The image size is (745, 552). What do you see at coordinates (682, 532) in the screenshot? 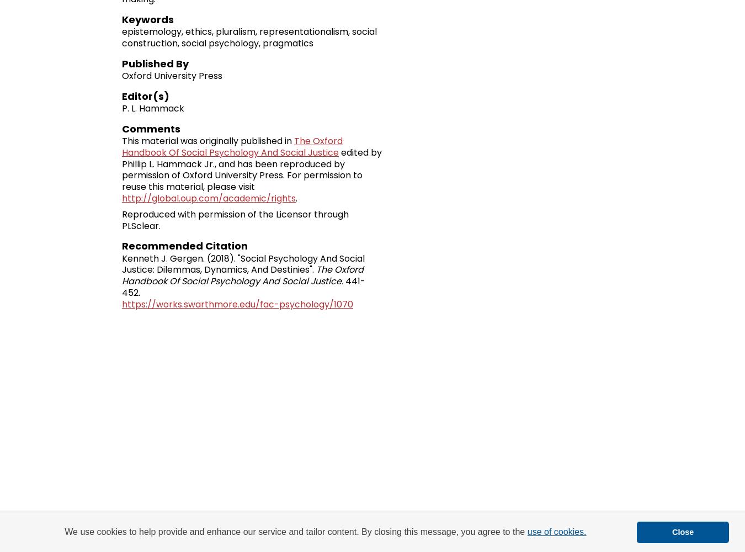
I see `'Close'` at bounding box center [682, 532].